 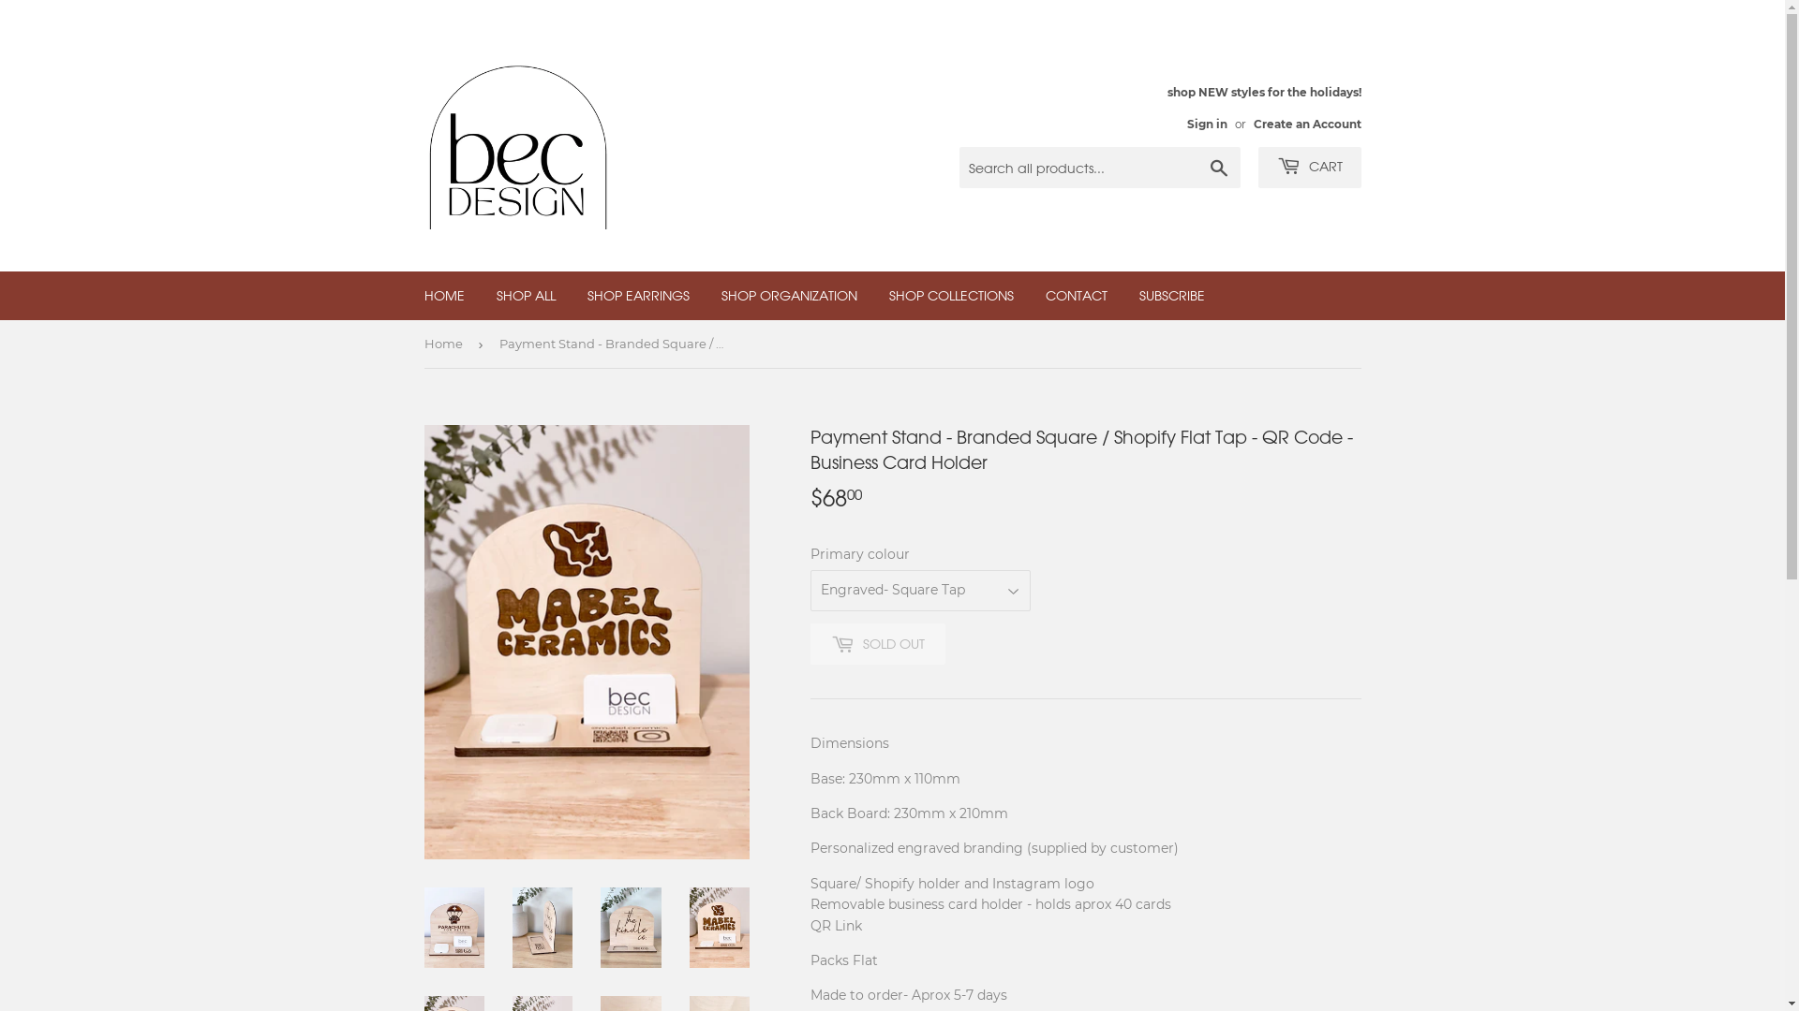 I want to click on 'Create an Account', so click(x=1306, y=124).